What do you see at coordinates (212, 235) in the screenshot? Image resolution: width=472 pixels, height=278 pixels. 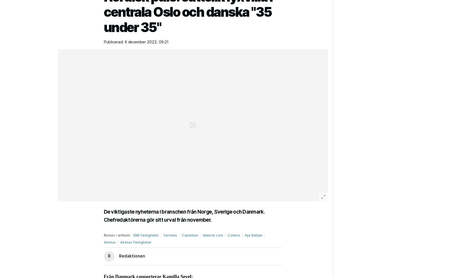 I see `'Maersk Line'` at bounding box center [212, 235].